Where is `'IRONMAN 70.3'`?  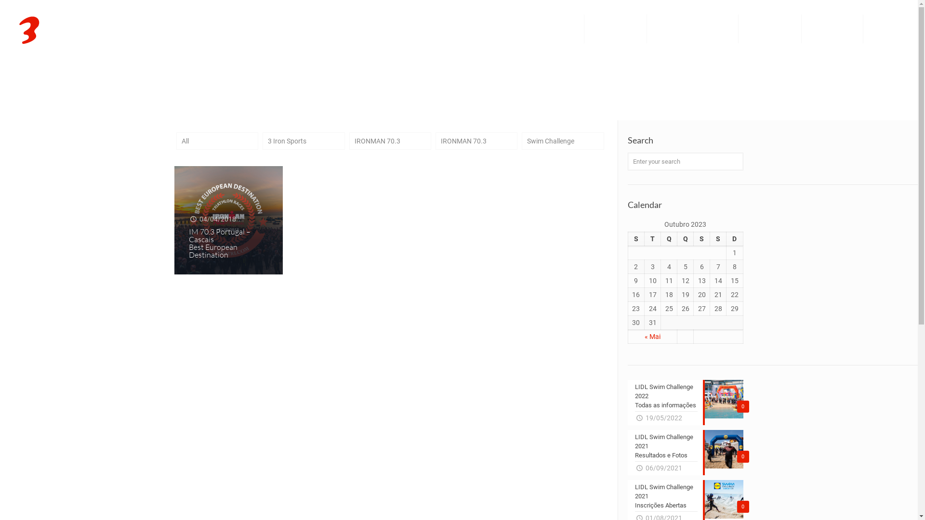
'IRONMAN 70.3' is located at coordinates (476, 141).